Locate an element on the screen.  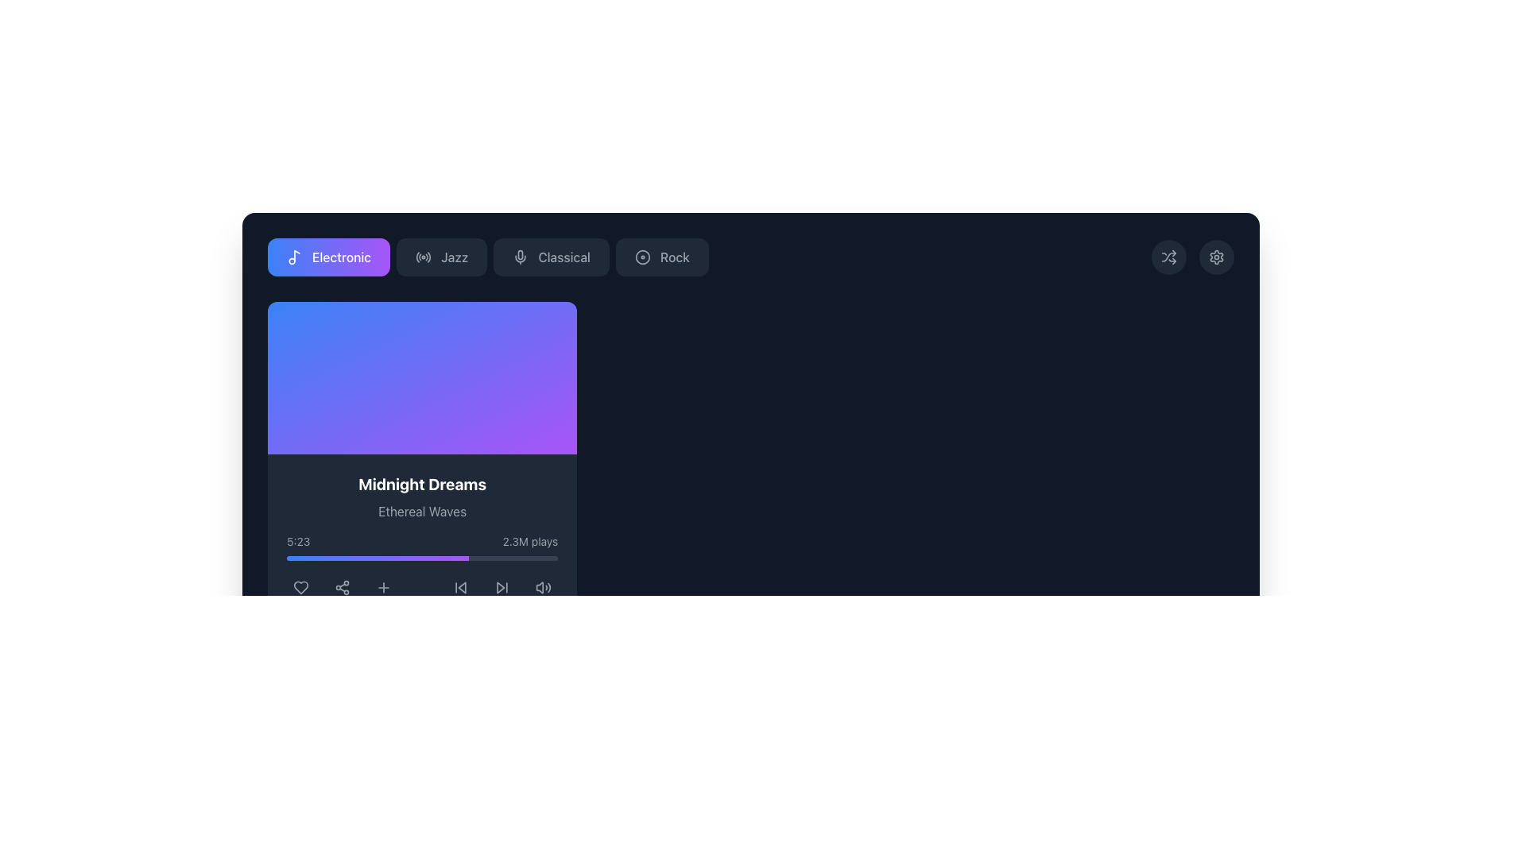
the 'Jazz' button, which is a rounded rectangular button with a dark background and grey text that highlights to white when hovered is located at coordinates (442, 257).